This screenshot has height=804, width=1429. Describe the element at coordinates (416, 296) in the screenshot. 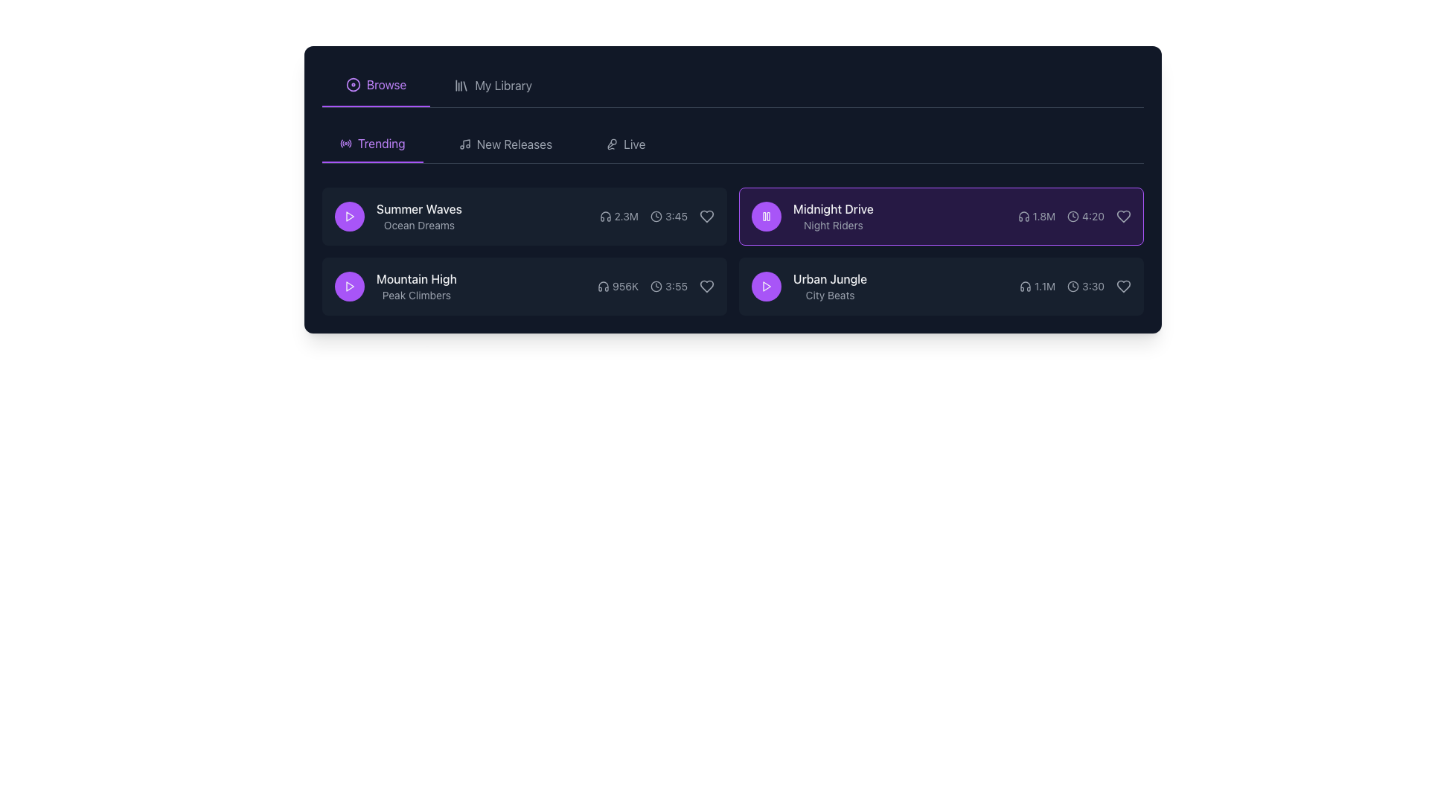

I see `descriptive text label located below the 'Mountain High' title in the 'Trending' section of the music entries list` at that location.